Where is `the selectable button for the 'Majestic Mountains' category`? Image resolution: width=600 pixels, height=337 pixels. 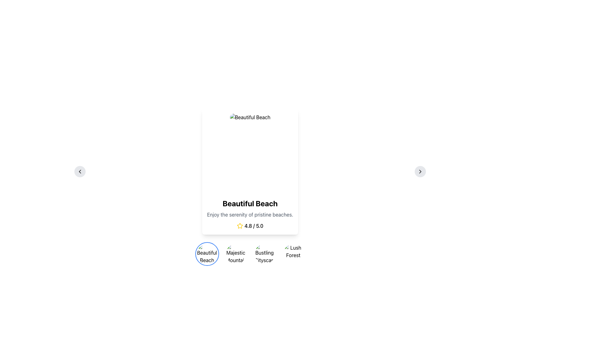 the selectable button for the 'Majestic Mountains' category is located at coordinates (235, 254).